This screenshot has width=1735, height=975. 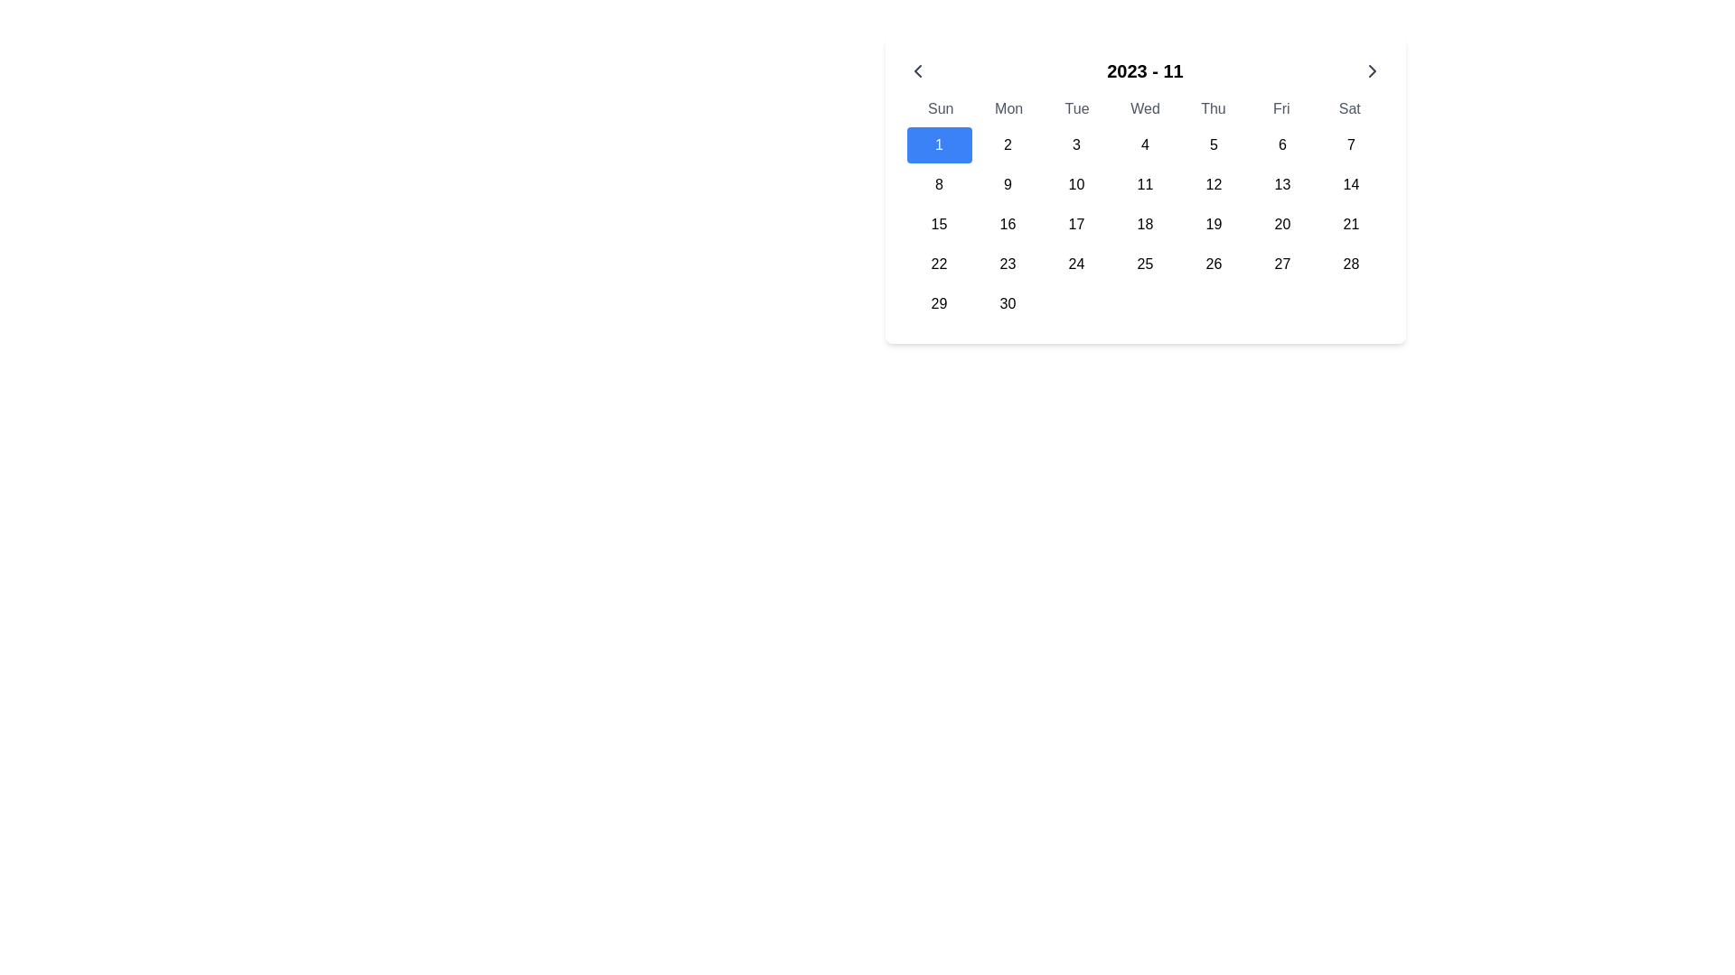 I want to click on the rectangular button displaying the number '29' located in the last row and first column of the grid, so click(x=939, y=302).